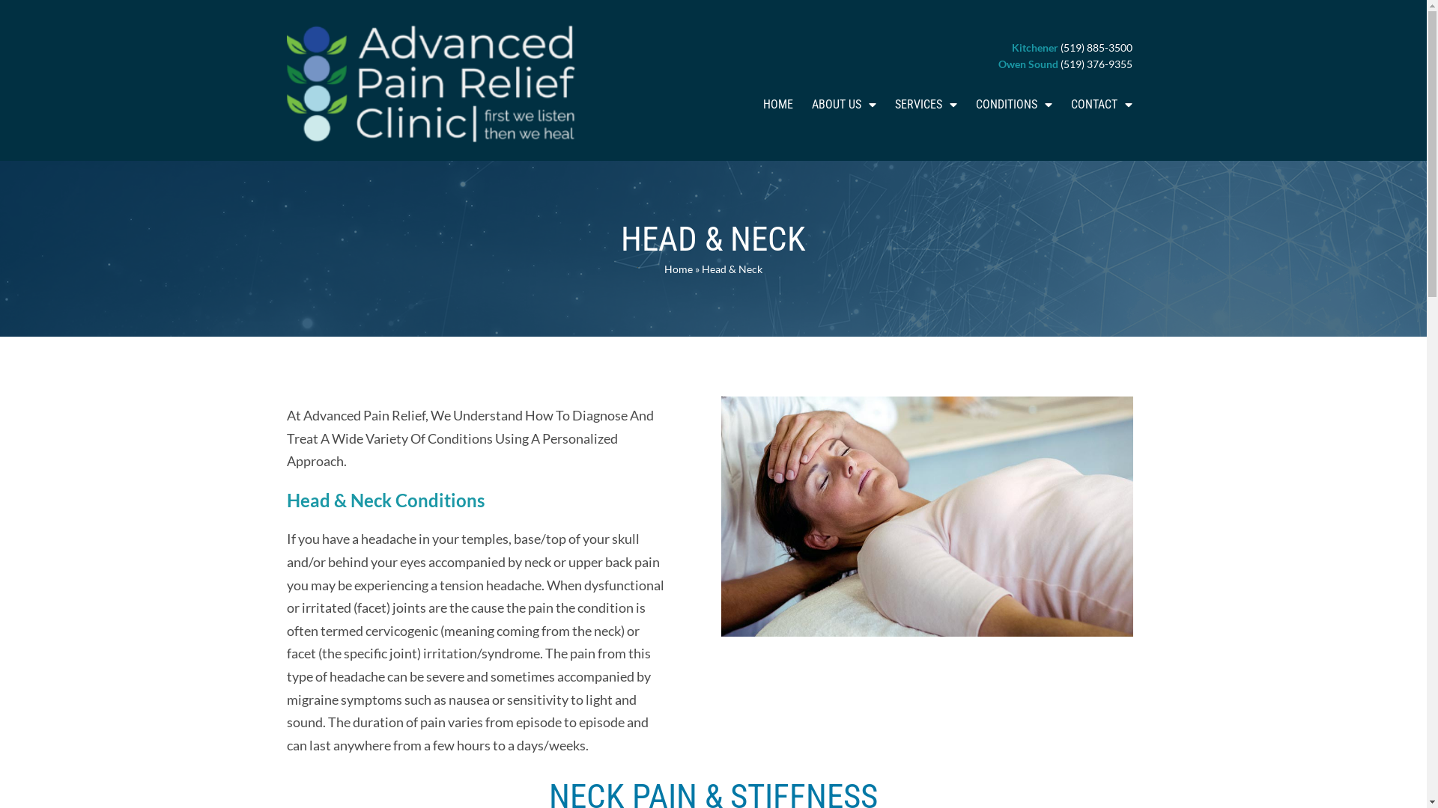 This screenshot has width=1438, height=808. Describe the element at coordinates (664, 268) in the screenshot. I see `'Home'` at that location.